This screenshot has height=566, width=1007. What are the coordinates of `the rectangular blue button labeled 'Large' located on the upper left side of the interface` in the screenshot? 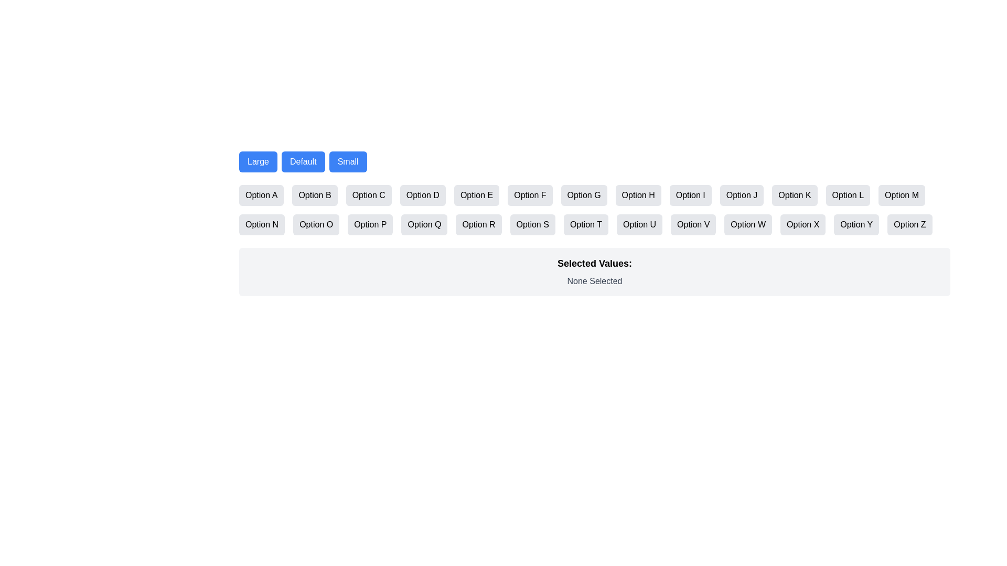 It's located at (258, 161).